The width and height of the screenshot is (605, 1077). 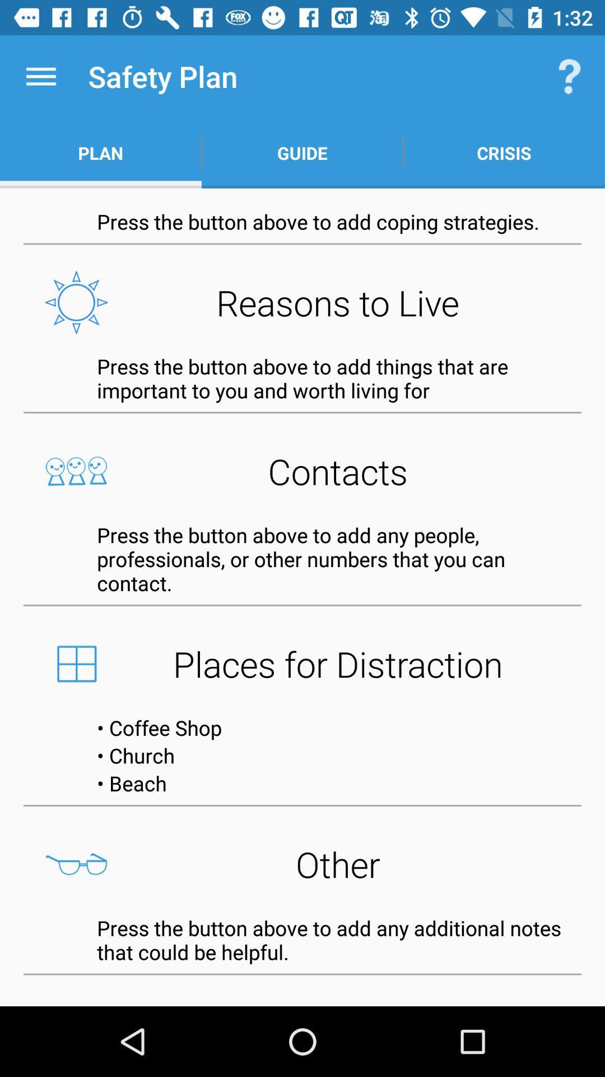 What do you see at coordinates (302, 302) in the screenshot?
I see `the reasons to live item` at bounding box center [302, 302].